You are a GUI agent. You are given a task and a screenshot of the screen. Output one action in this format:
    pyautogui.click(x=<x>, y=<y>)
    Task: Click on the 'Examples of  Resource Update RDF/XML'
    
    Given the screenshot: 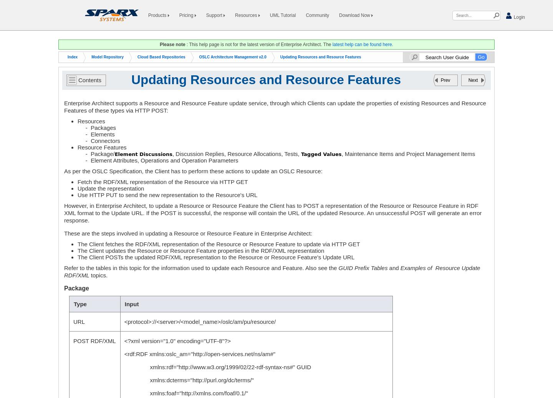 What is the action you would take?
    pyautogui.click(x=272, y=271)
    